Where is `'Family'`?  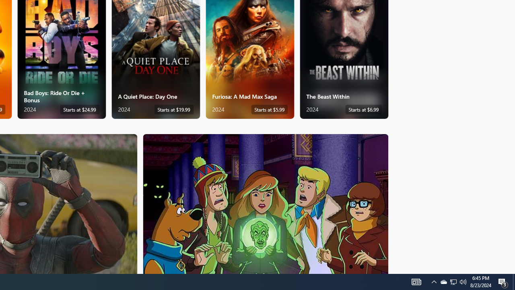 'Family' is located at coordinates (266, 203).